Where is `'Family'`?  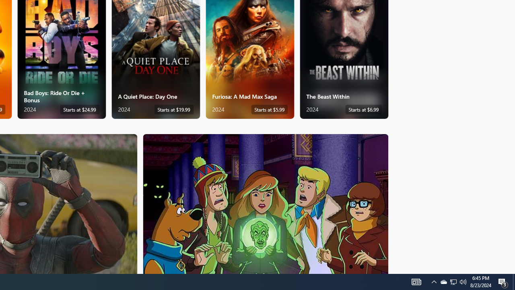 'Family' is located at coordinates (266, 203).